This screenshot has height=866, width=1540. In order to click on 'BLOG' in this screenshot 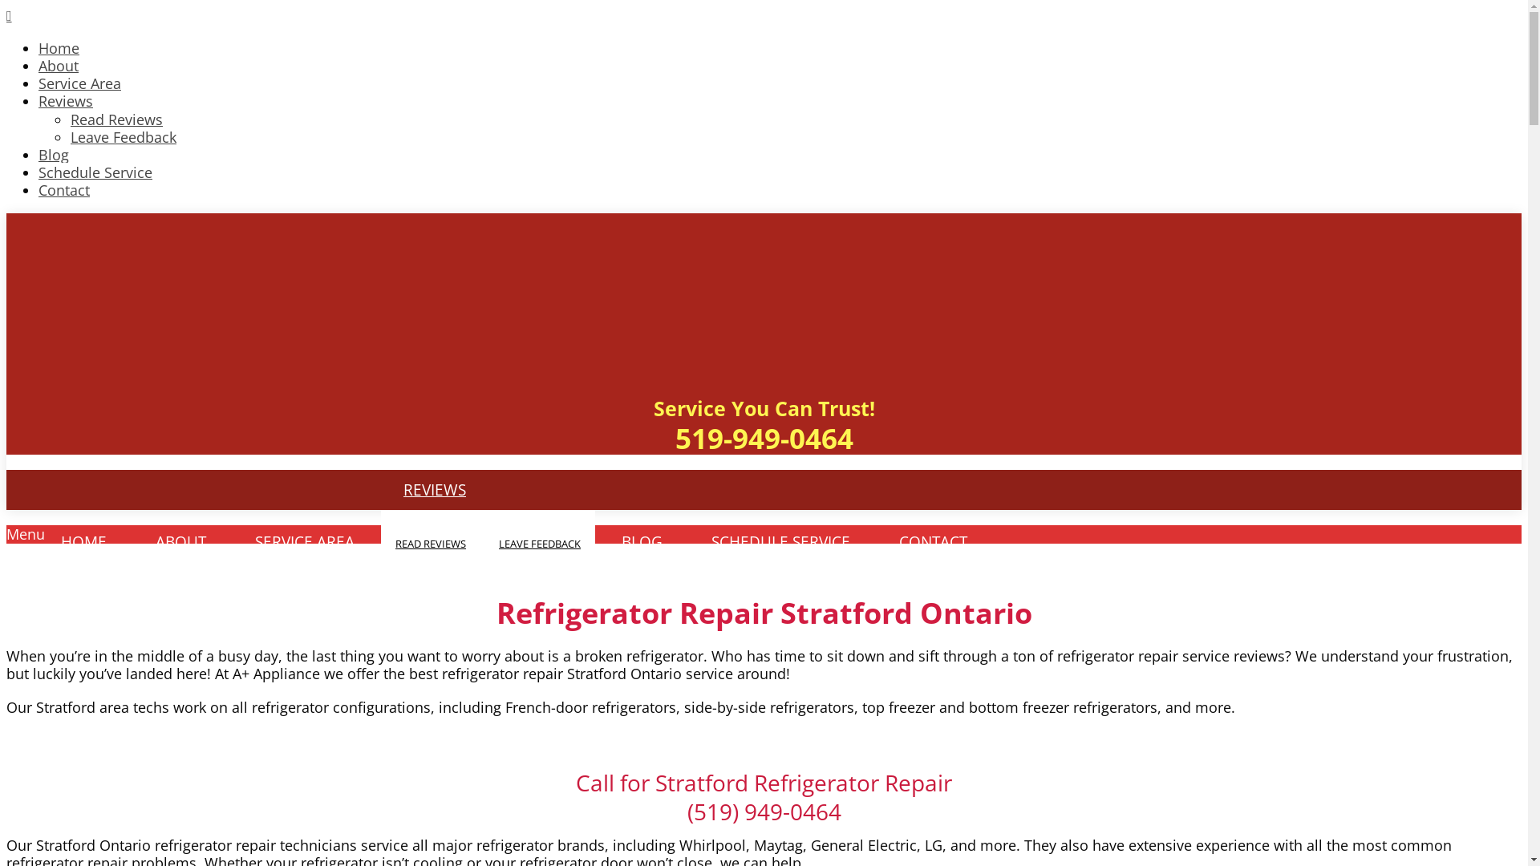, I will do `click(642, 541)`.